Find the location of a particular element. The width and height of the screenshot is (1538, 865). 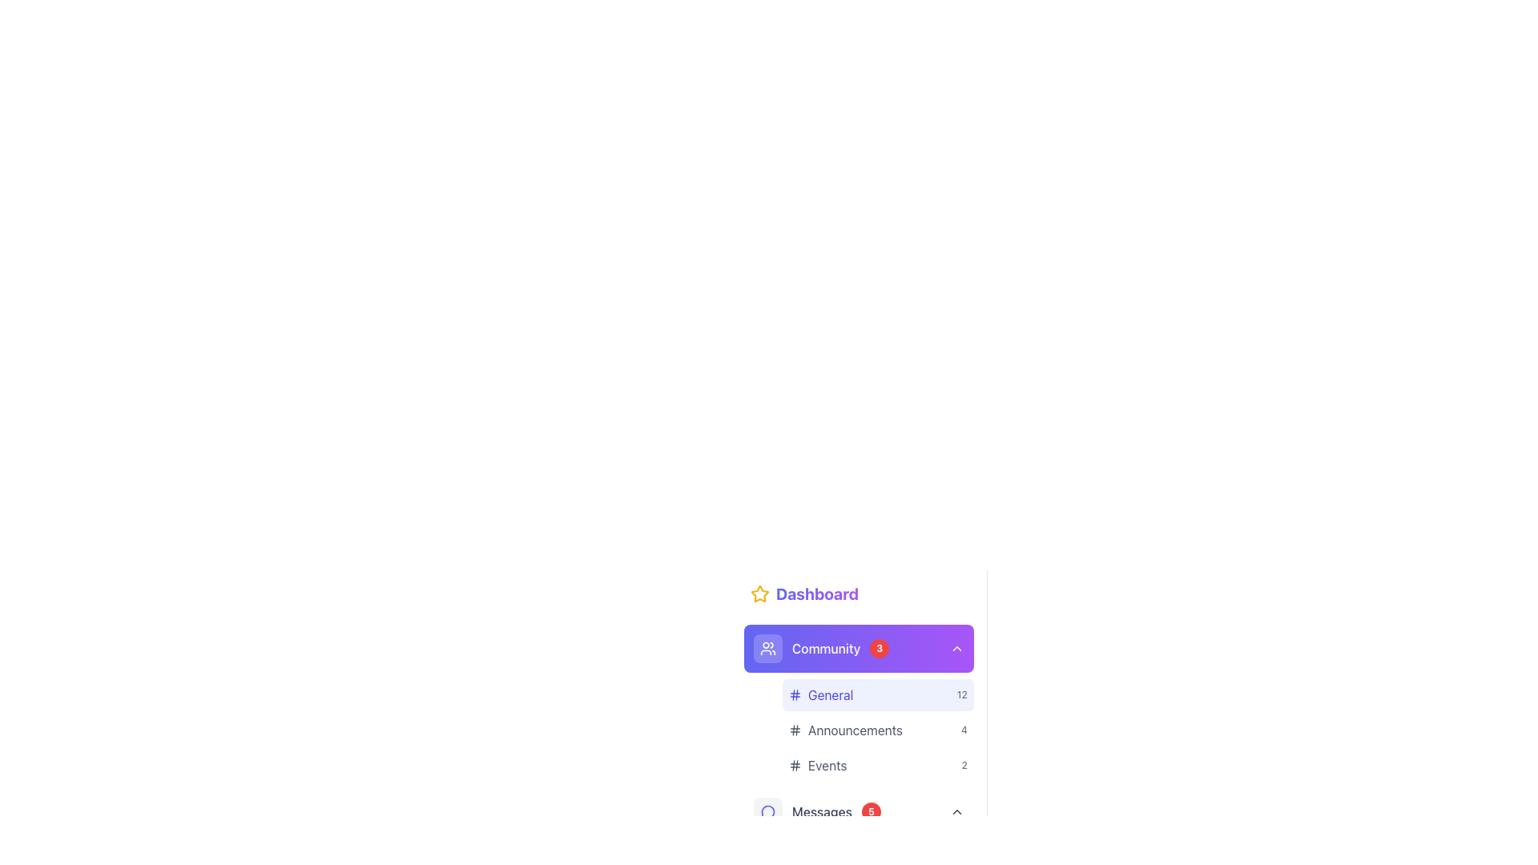

the 'Dashboard' label with a decorative star icon is located at coordinates (804, 593).